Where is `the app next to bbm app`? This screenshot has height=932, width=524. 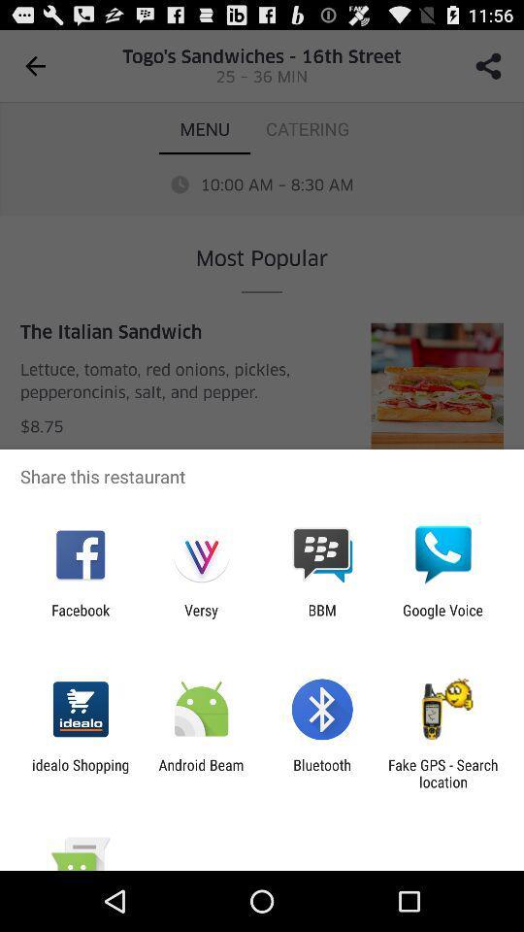
the app next to bbm app is located at coordinates (442, 617).